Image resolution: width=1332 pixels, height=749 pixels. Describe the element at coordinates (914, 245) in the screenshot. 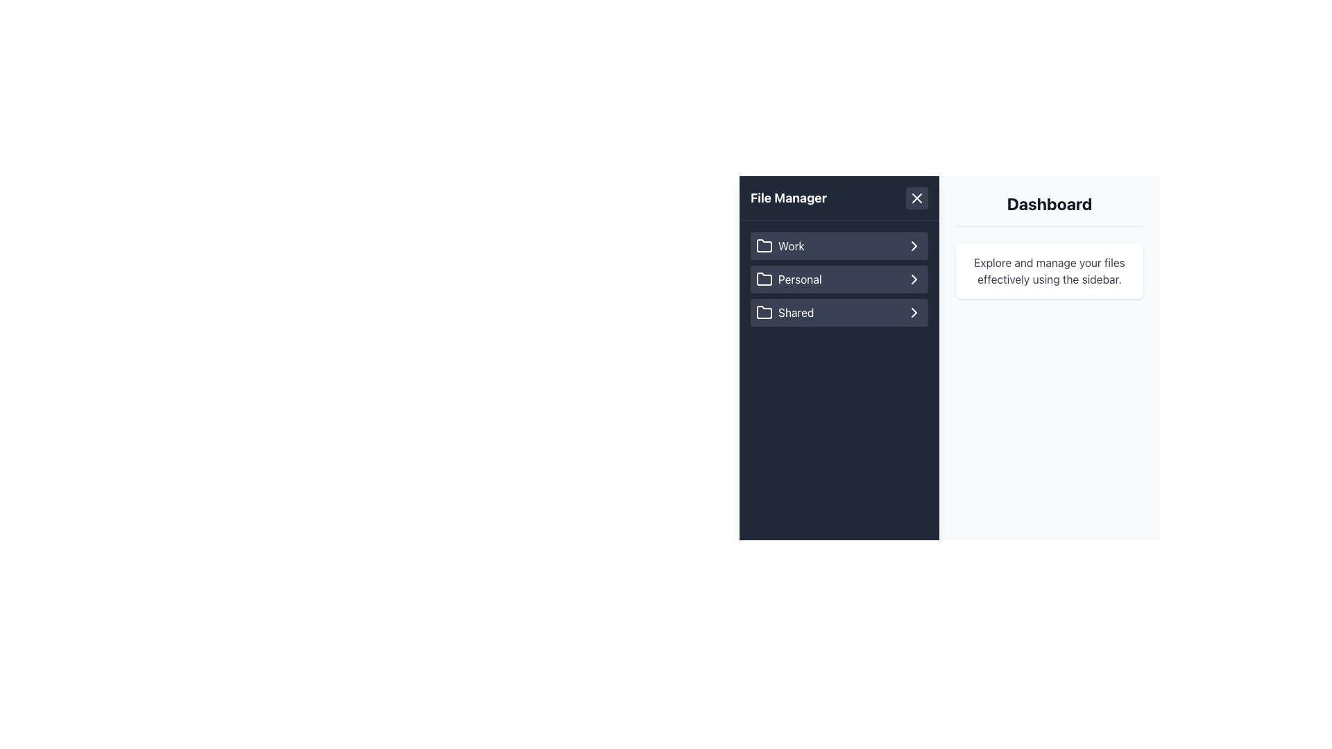

I see `the arrow-shaped navigation icon located at the rightmost part of the 'Work' button in the 'File Manager' sidebar` at that location.